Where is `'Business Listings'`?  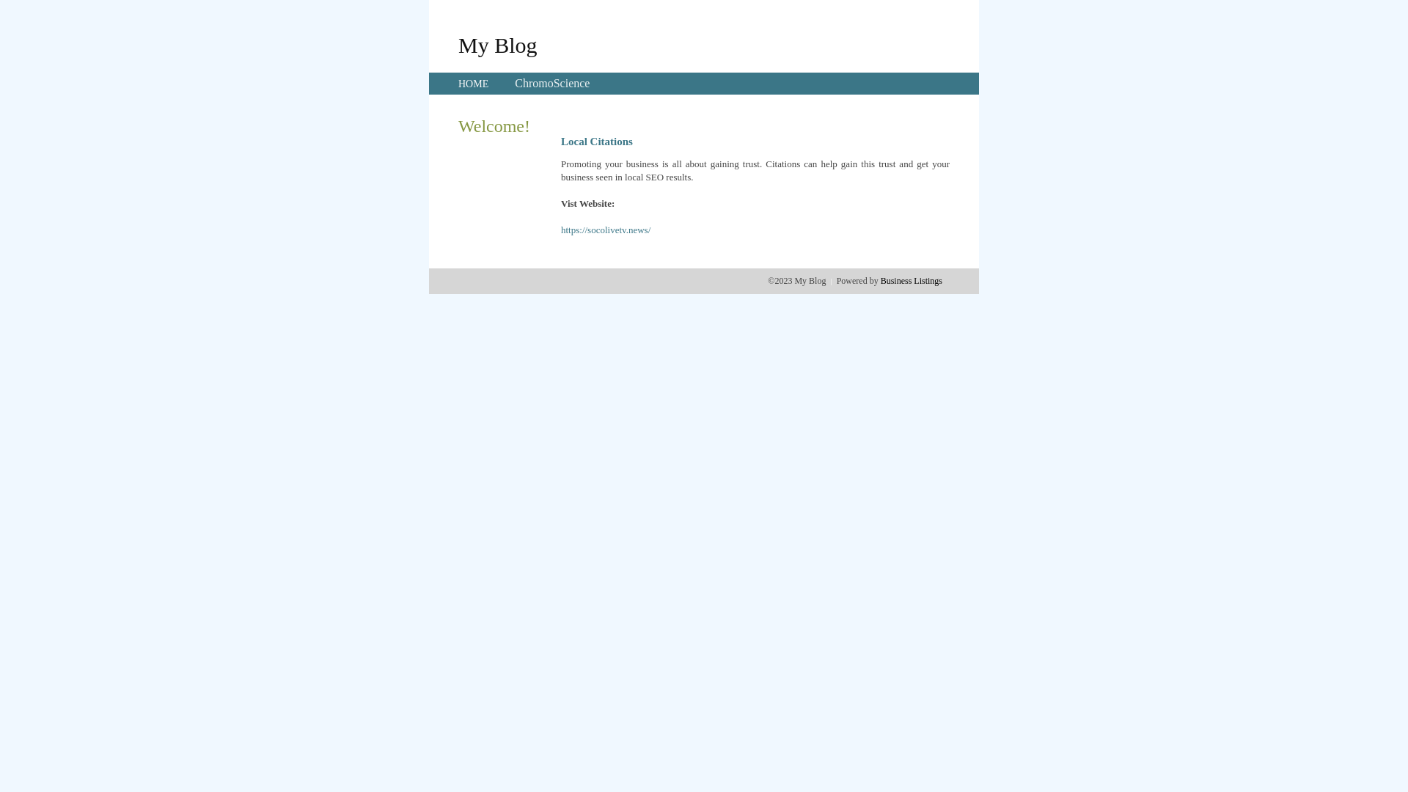 'Business Listings' is located at coordinates (911, 280).